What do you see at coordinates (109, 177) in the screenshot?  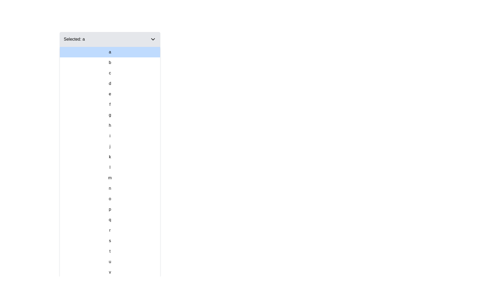 I see `the text item representing the letter 'm' in a vertically scrollable list of letters, which is the 13th letter, located between 'l' and 'n'` at bounding box center [109, 177].